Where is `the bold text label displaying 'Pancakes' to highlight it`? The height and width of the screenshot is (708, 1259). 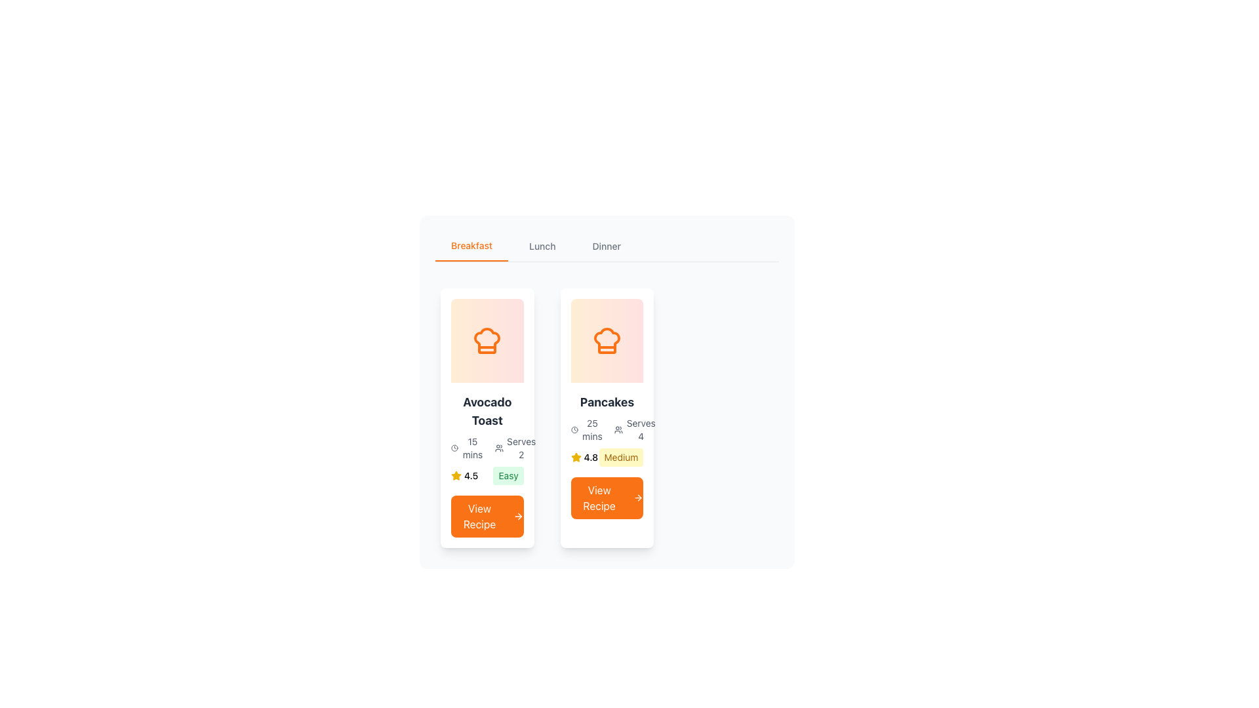 the bold text label displaying 'Pancakes' to highlight it is located at coordinates (607, 401).